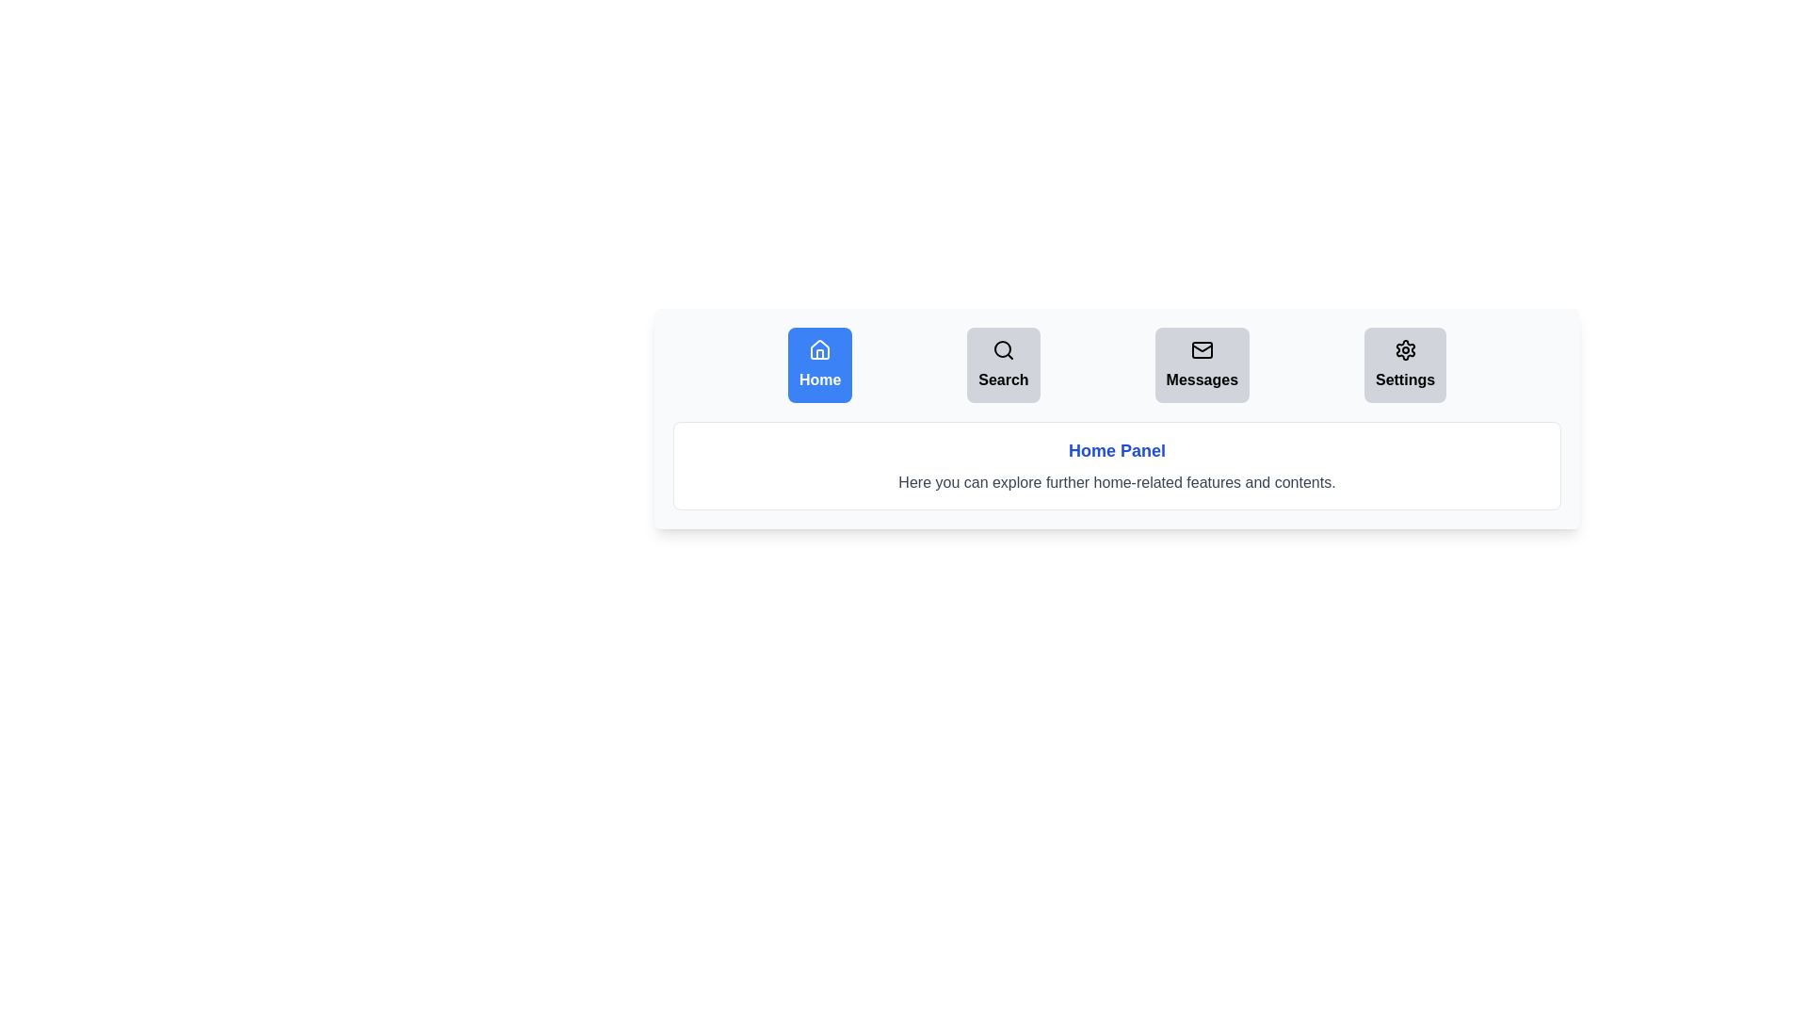 This screenshot has height=1017, width=1808. What do you see at coordinates (1405, 365) in the screenshot?
I see `the settings button located in the top-right section of the interface, which is the fourth button from the left in a horizontal group` at bounding box center [1405, 365].